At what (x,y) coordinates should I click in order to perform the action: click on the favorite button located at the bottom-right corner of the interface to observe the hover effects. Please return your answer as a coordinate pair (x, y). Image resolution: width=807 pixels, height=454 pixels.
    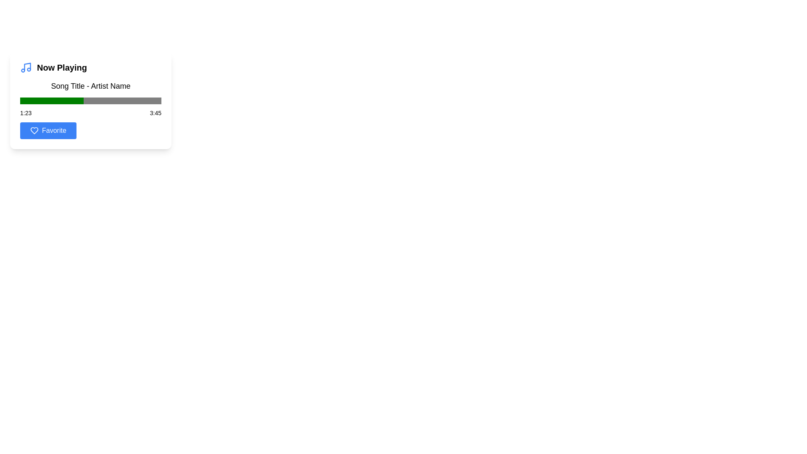
    Looking at the image, I should click on (47, 131).